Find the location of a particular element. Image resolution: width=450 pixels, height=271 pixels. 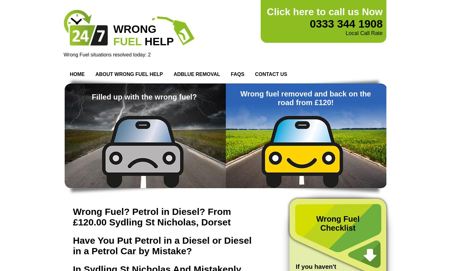

'Click here to call us Now' is located at coordinates (325, 11).